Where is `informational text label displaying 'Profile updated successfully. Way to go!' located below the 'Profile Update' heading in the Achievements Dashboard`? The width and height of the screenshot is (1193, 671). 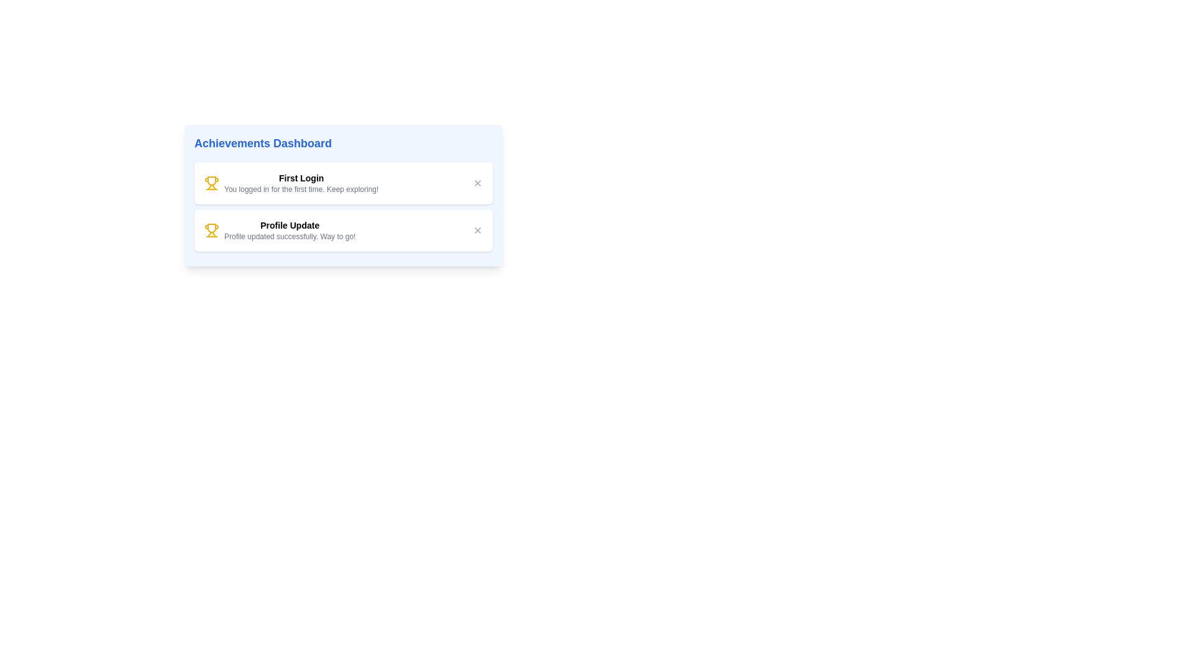 informational text label displaying 'Profile updated successfully. Way to go!' located below the 'Profile Update' heading in the Achievements Dashboard is located at coordinates (289, 237).